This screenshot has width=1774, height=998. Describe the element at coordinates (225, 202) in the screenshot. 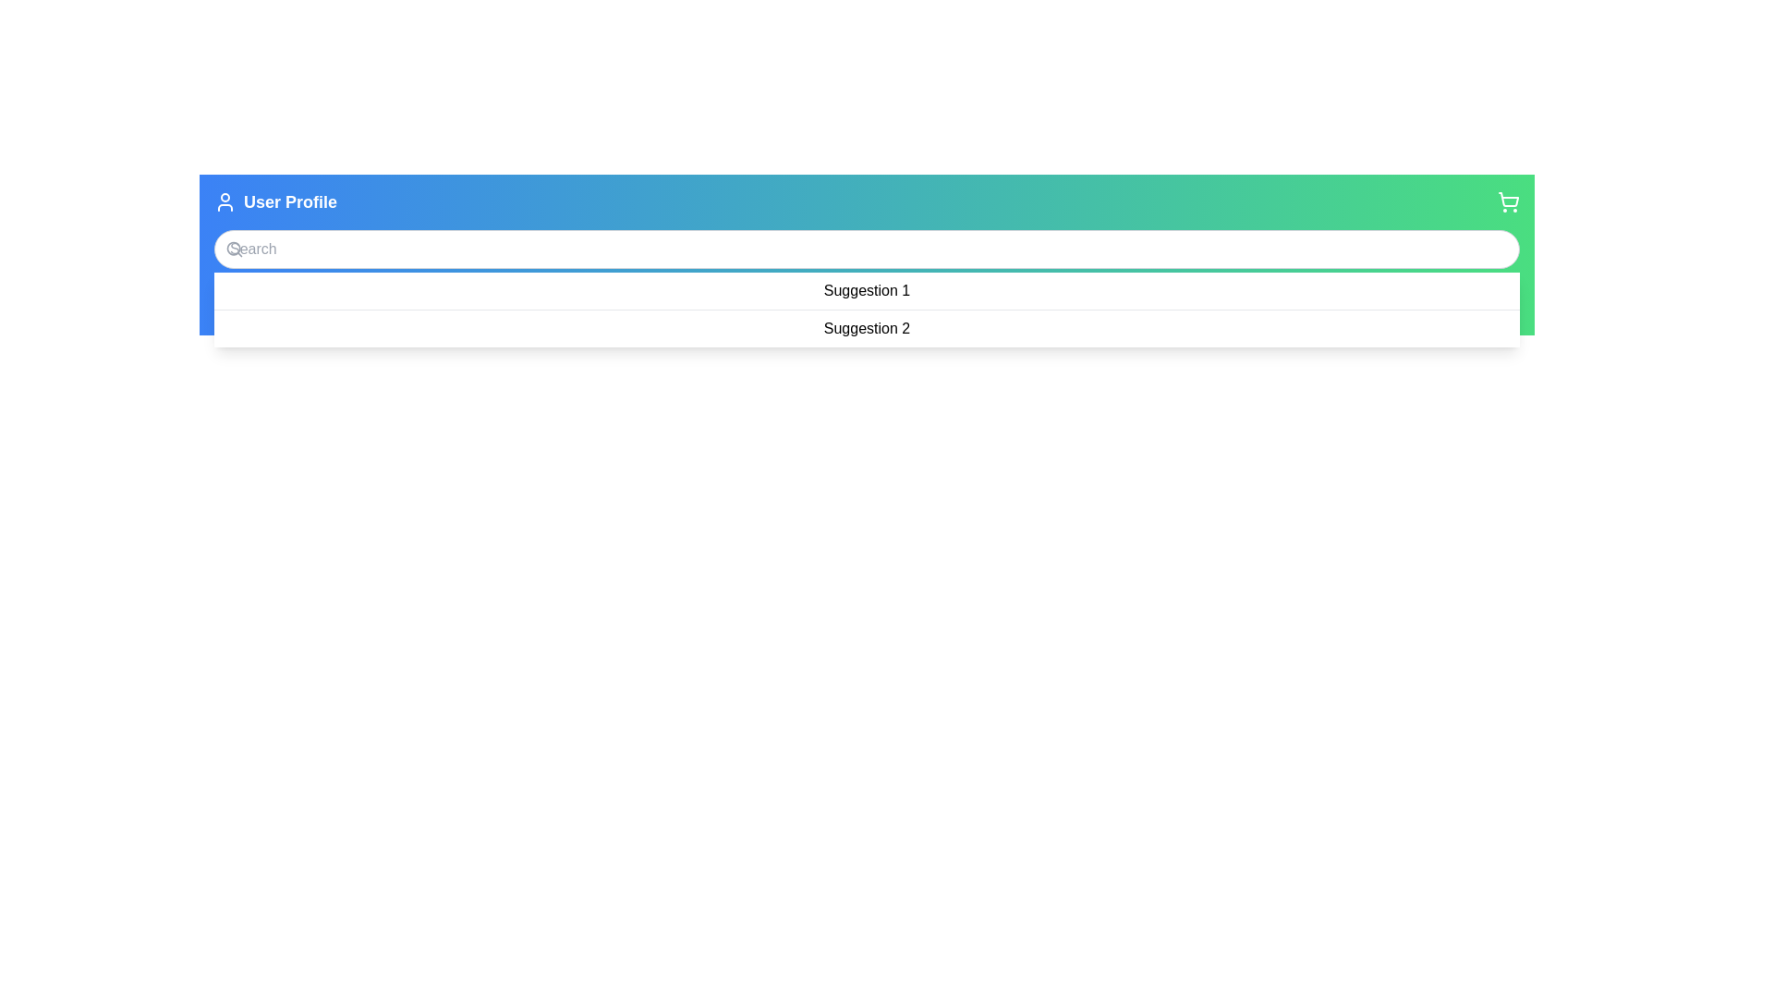

I see `the user avatar icon, which is a wireframe human figure outlined in white with a blue background` at that location.